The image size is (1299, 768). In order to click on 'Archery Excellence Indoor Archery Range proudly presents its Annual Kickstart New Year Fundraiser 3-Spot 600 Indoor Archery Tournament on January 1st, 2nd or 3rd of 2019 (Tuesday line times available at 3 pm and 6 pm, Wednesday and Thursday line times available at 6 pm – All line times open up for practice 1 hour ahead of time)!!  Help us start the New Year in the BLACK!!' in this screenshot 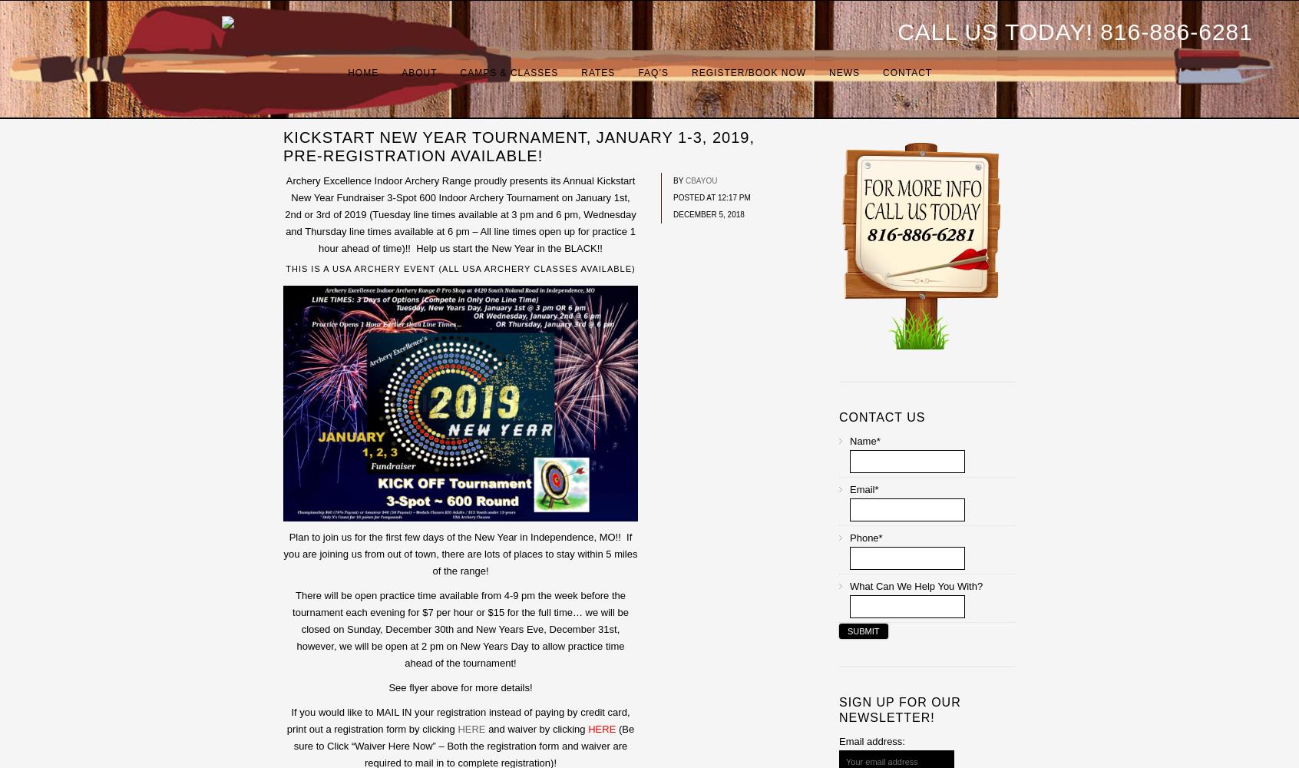, I will do `click(459, 214)`.